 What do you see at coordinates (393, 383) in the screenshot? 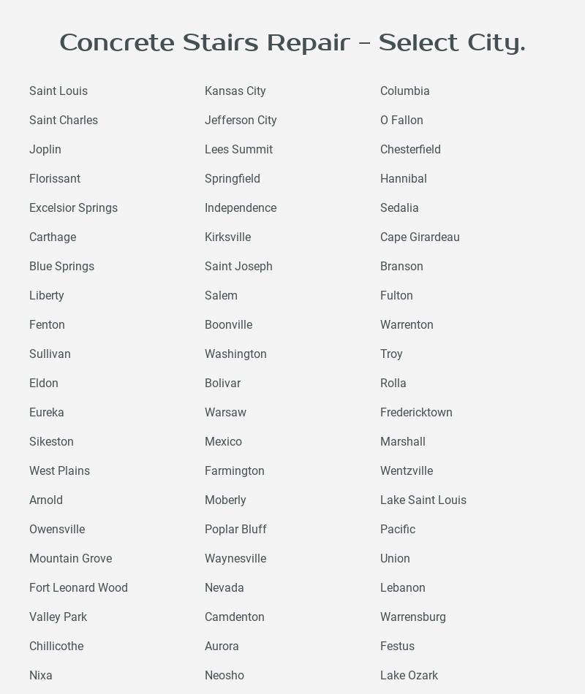
I see `'Rolla'` at bounding box center [393, 383].